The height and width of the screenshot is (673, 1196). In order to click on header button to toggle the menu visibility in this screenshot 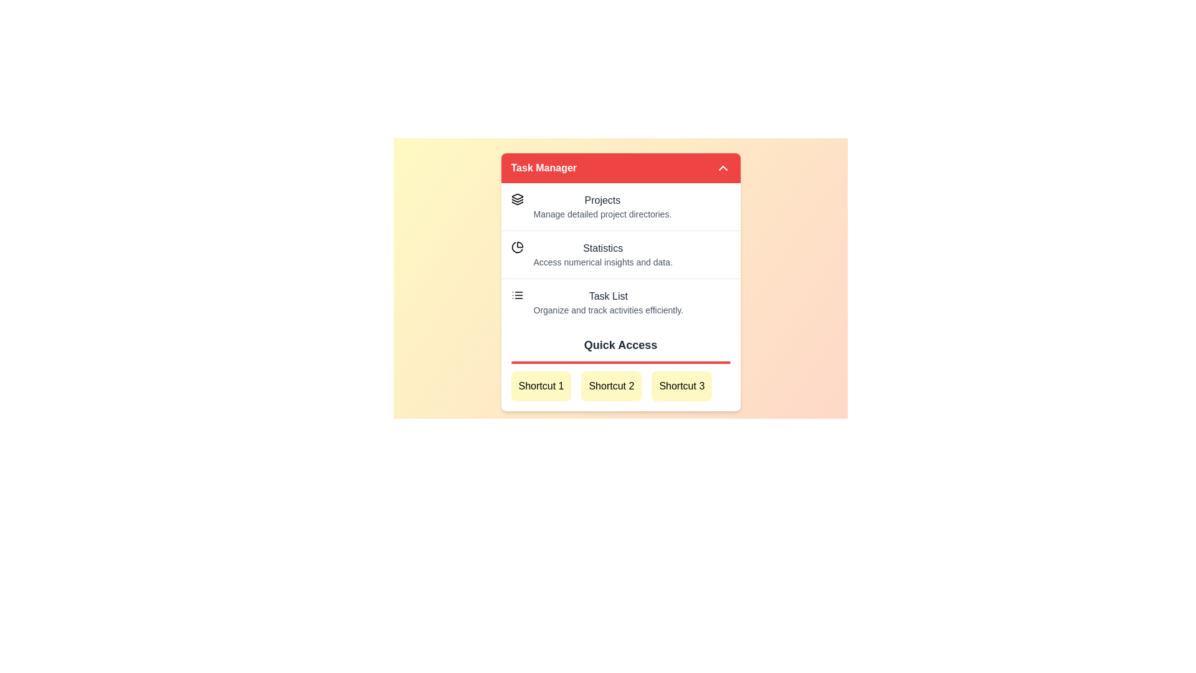, I will do `click(620, 168)`.